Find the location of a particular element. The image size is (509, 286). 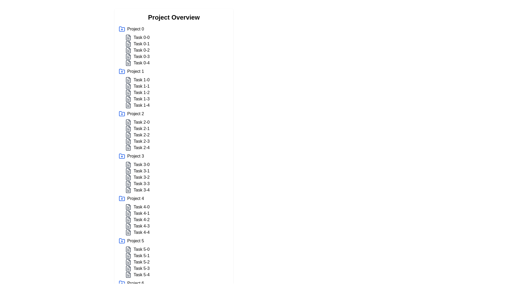

the file icon representing the document is located at coordinates (128, 99).